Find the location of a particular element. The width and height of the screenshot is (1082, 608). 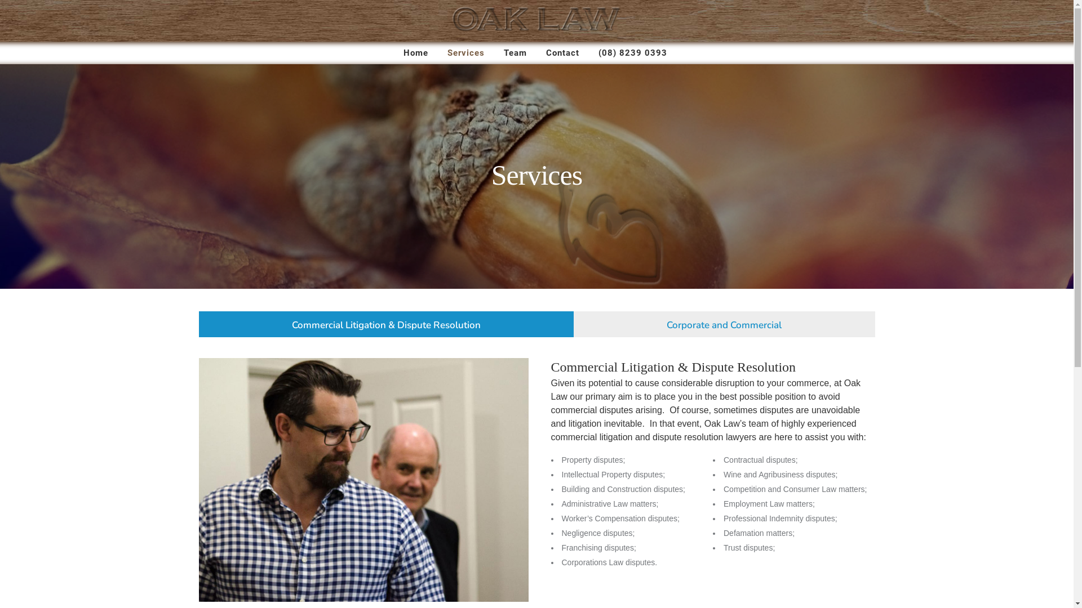

'Corporate and Commercial' is located at coordinates (724, 323).